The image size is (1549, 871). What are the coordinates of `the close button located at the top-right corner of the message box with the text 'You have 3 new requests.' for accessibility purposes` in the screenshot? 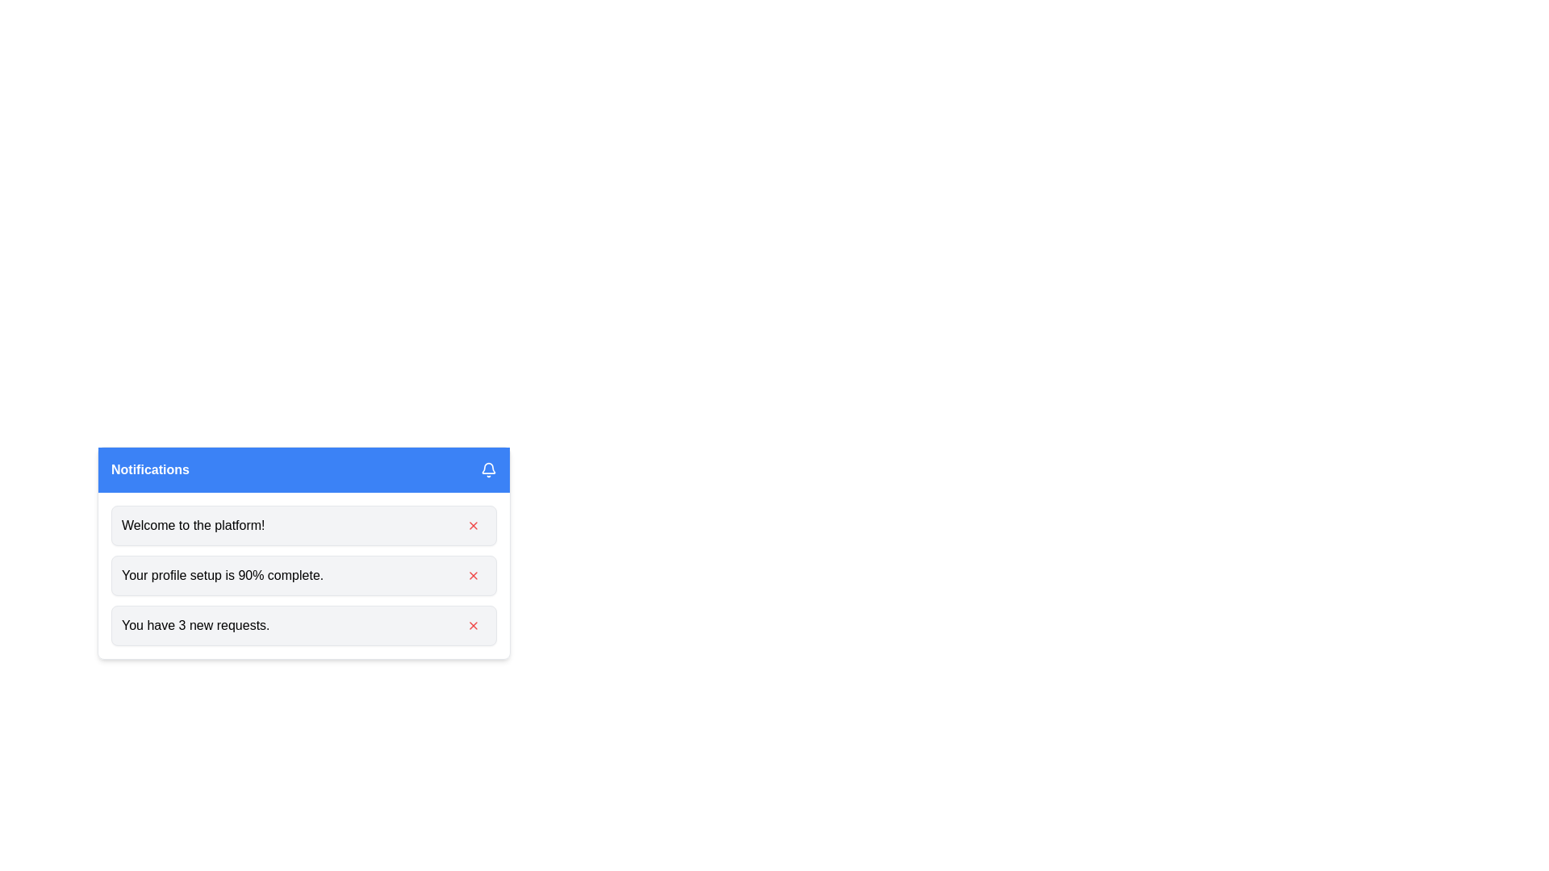 It's located at (472, 624).